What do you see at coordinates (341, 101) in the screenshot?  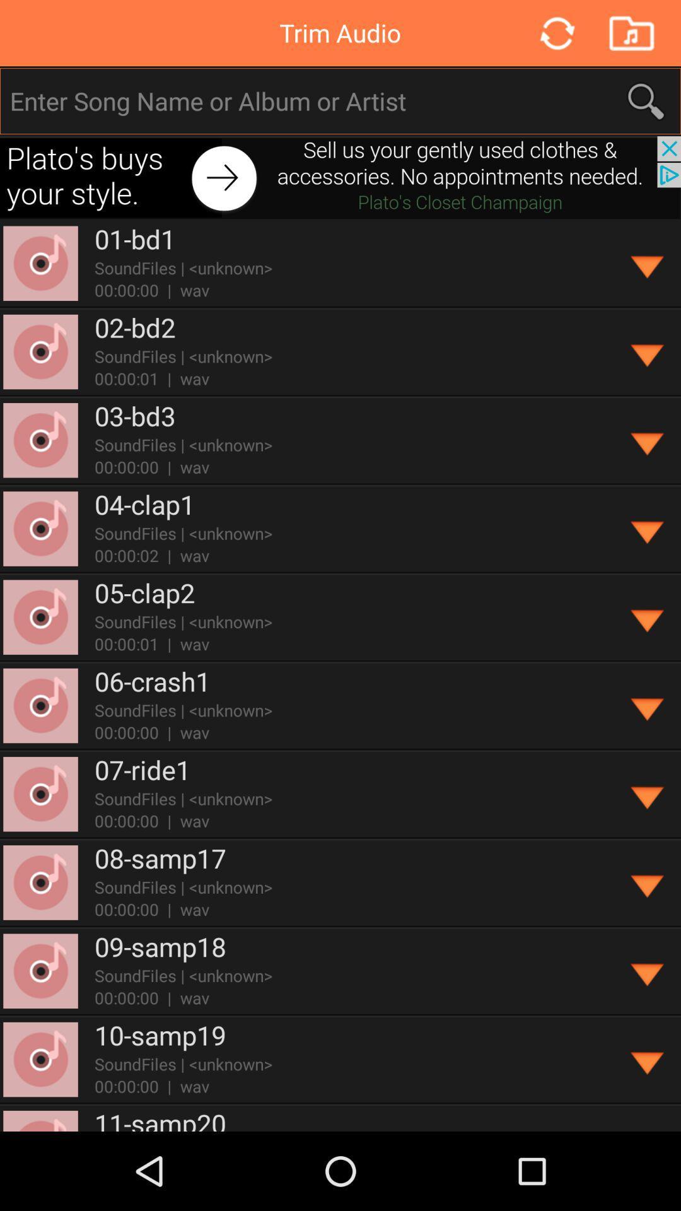 I see `search` at bounding box center [341, 101].